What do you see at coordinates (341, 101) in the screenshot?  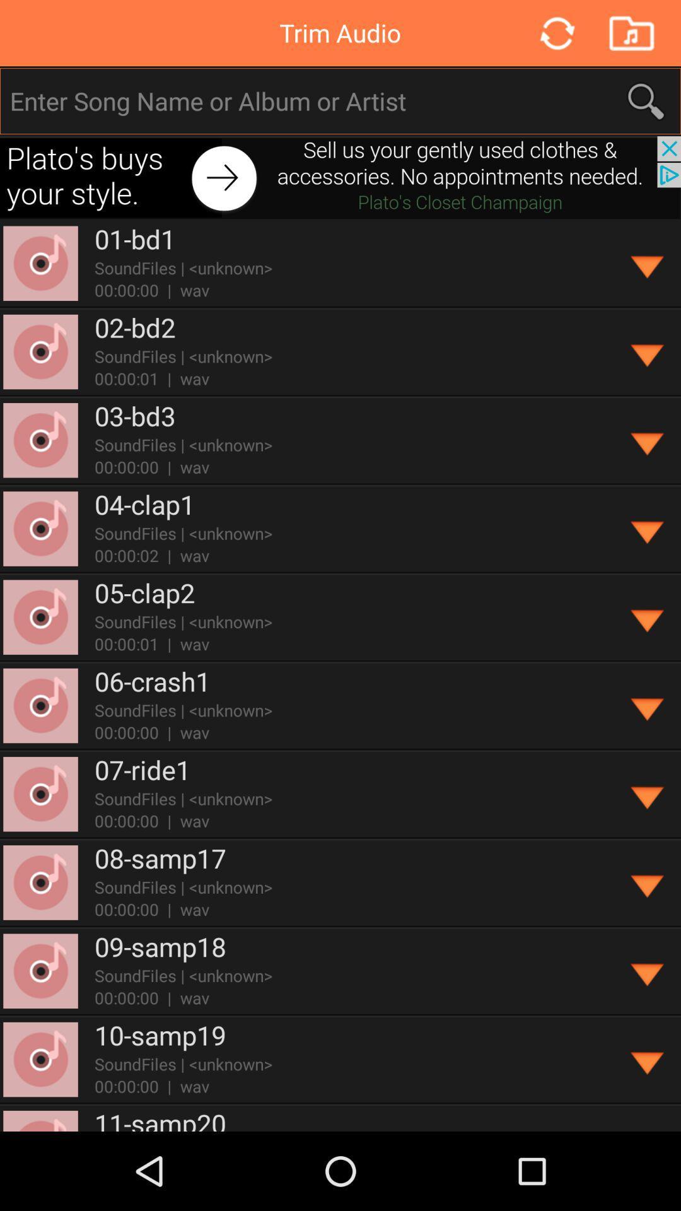 I see `search` at bounding box center [341, 101].